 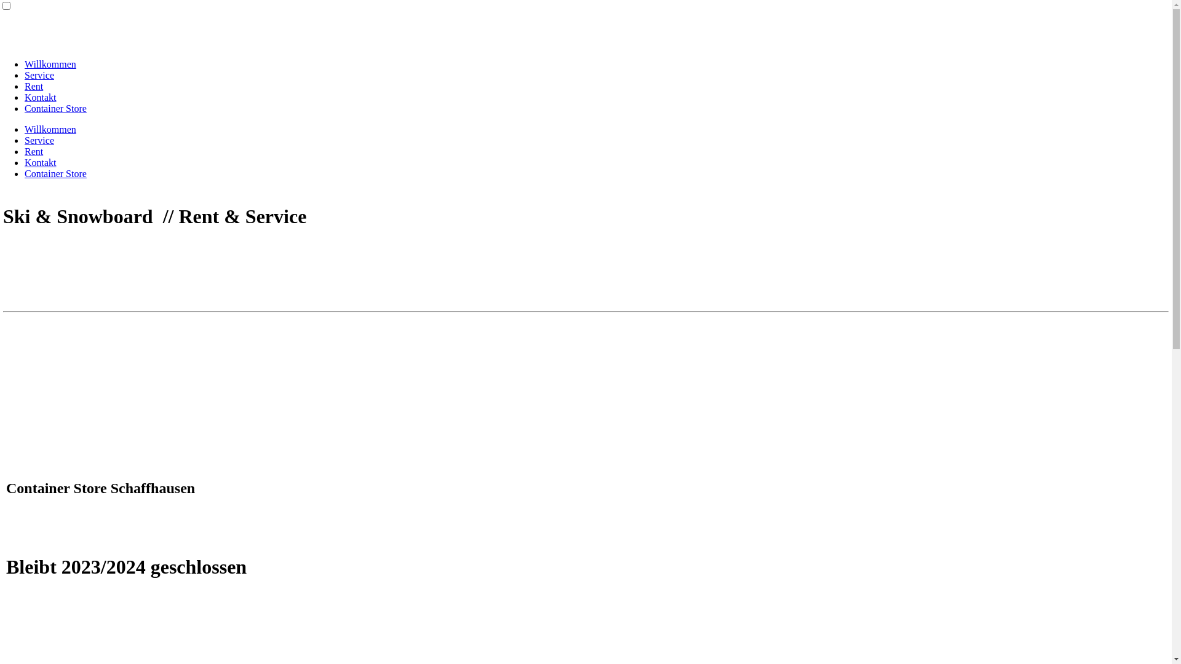 I want to click on 'Willkommen', so click(x=49, y=129).